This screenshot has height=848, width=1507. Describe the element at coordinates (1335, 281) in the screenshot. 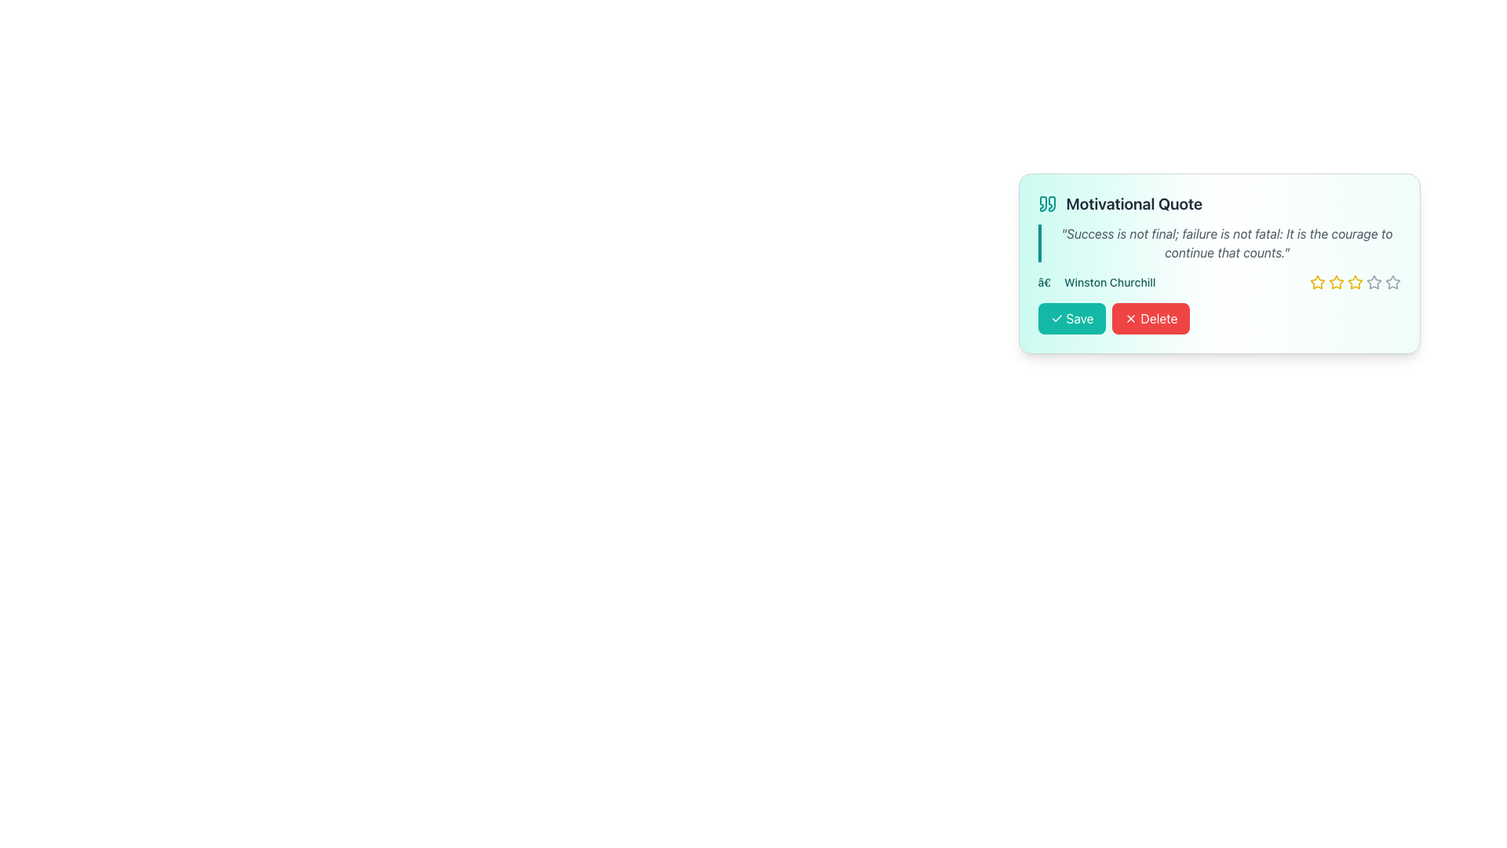

I see `the second star icon in the rating system` at that location.